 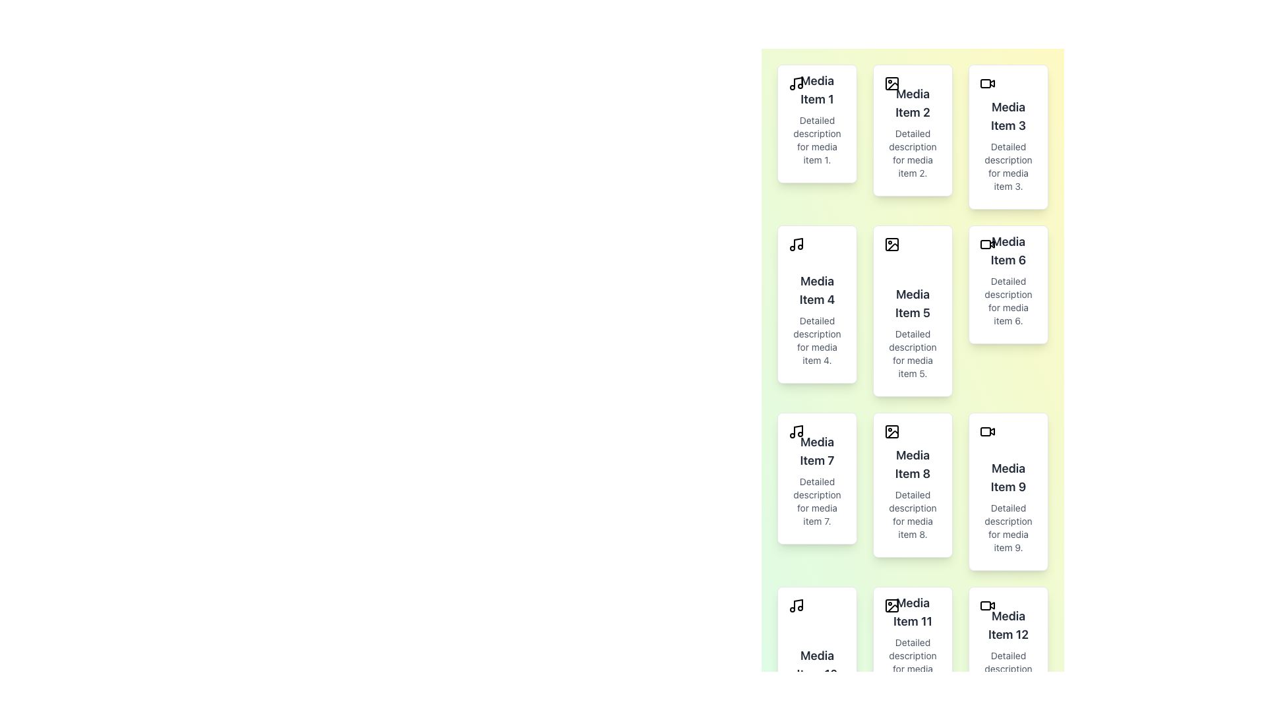 What do you see at coordinates (1008, 116) in the screenshot?
I see `the text label displaying 'Media Item 3' in bold dark gray font, located in the third card of the top row` at bounding box center [1008, 116].